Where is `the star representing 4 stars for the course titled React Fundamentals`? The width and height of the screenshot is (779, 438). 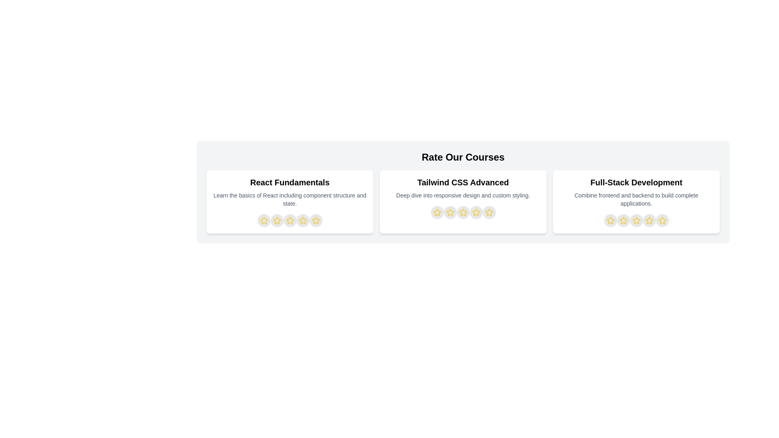 the star representing 4 stars for the course titled React Fundamentals is located at coordinates (302, 220).